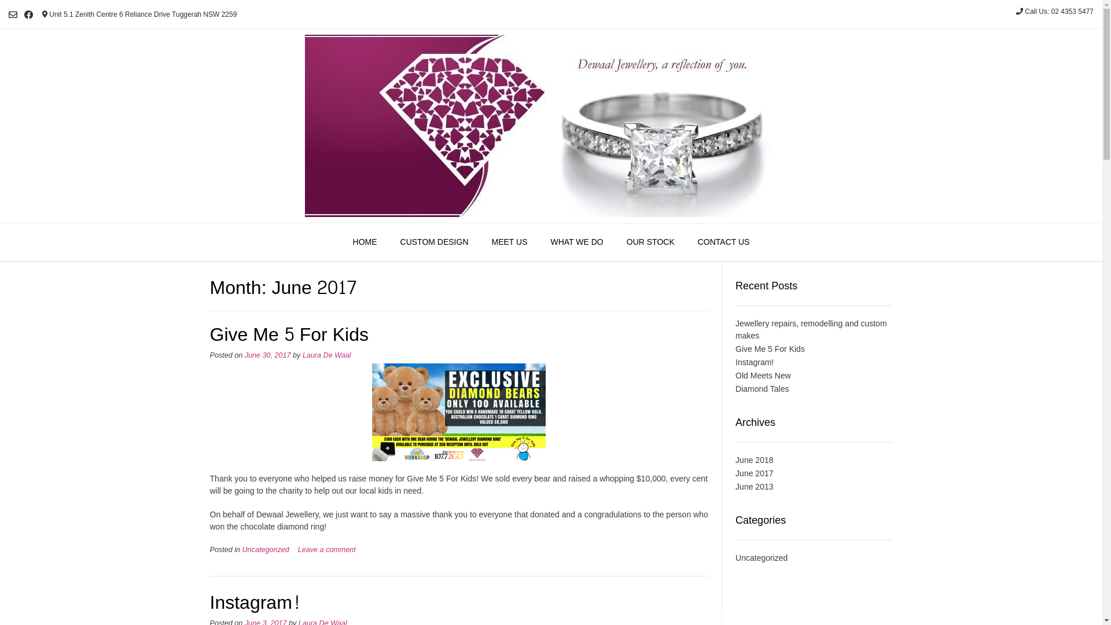 The height and width of the screenshot is (625, 1111). What do you see at coordinates (28, 14) in the screenshot?
I see `'Find Us on Facebook'` at bounding box center [28, 14].